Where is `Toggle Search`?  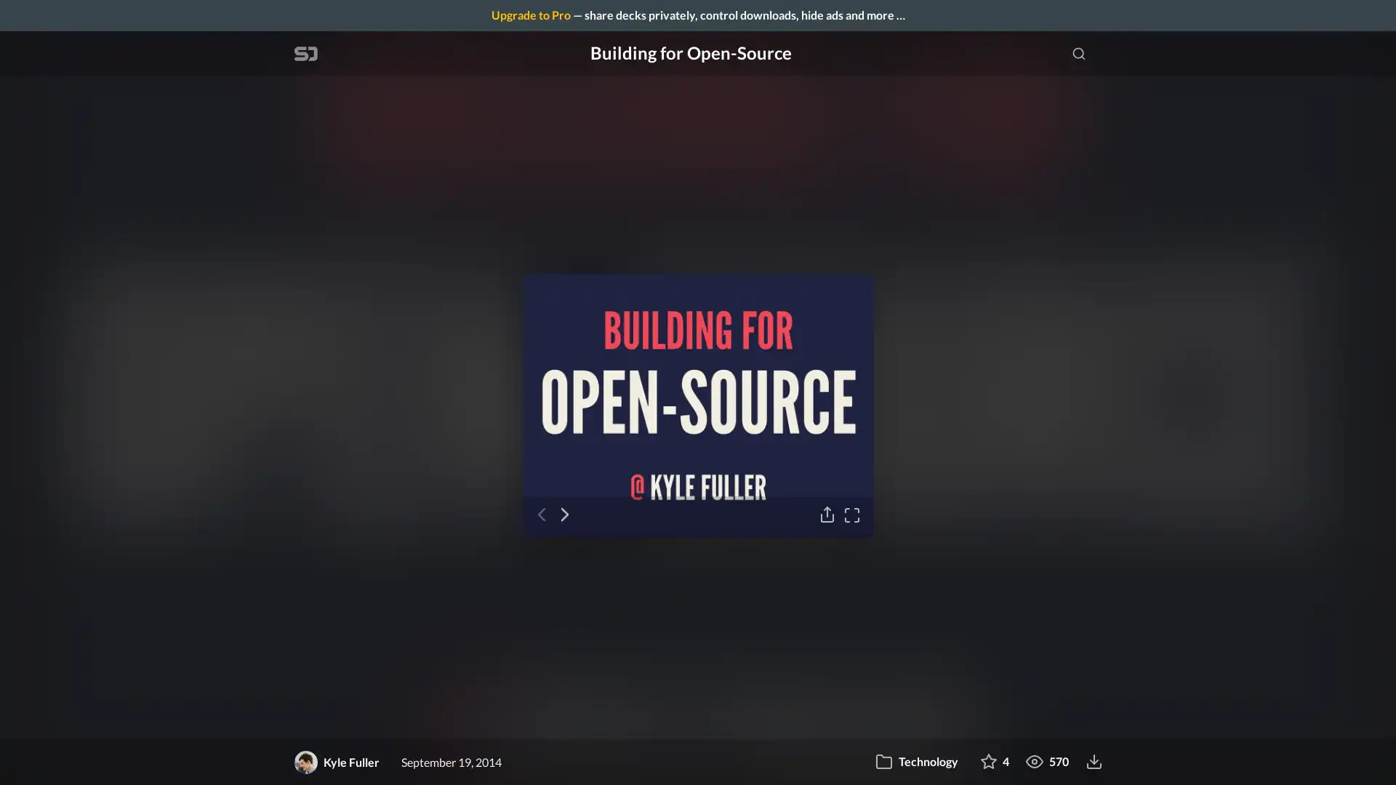
Toggle Search is located at coordinates (1078, 52).